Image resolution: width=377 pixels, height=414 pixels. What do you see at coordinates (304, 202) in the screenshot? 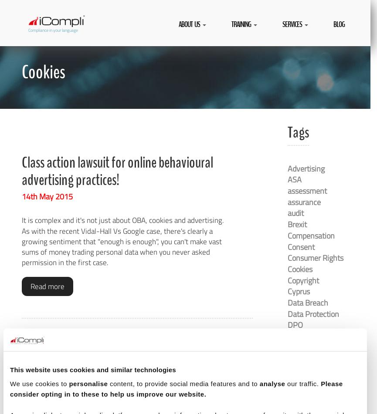
I see `'assurance'` at bounding box center [304, 202].